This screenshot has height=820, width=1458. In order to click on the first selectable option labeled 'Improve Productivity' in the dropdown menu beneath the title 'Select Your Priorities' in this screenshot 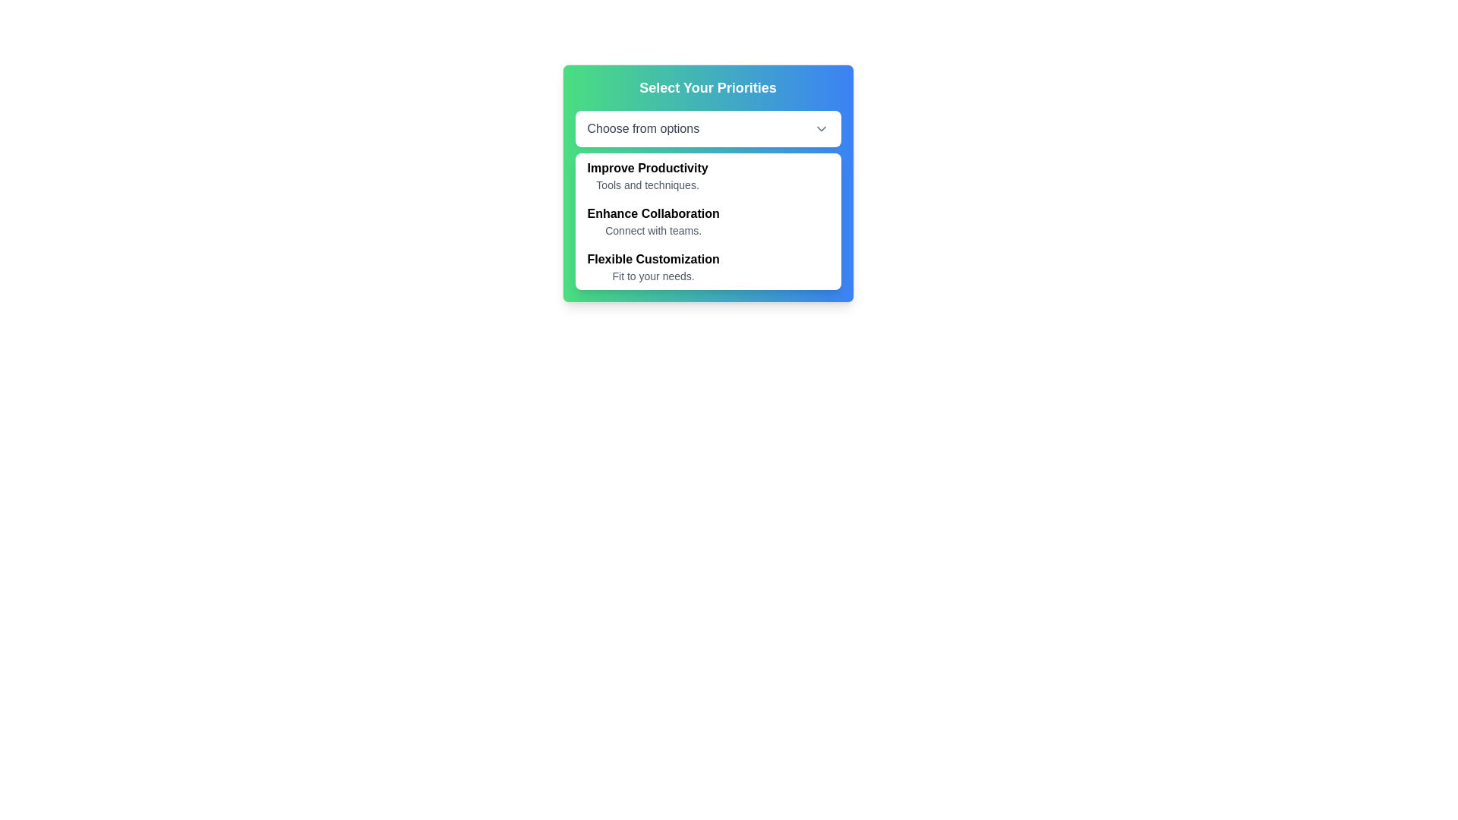, I will do `click(648, 175)`.